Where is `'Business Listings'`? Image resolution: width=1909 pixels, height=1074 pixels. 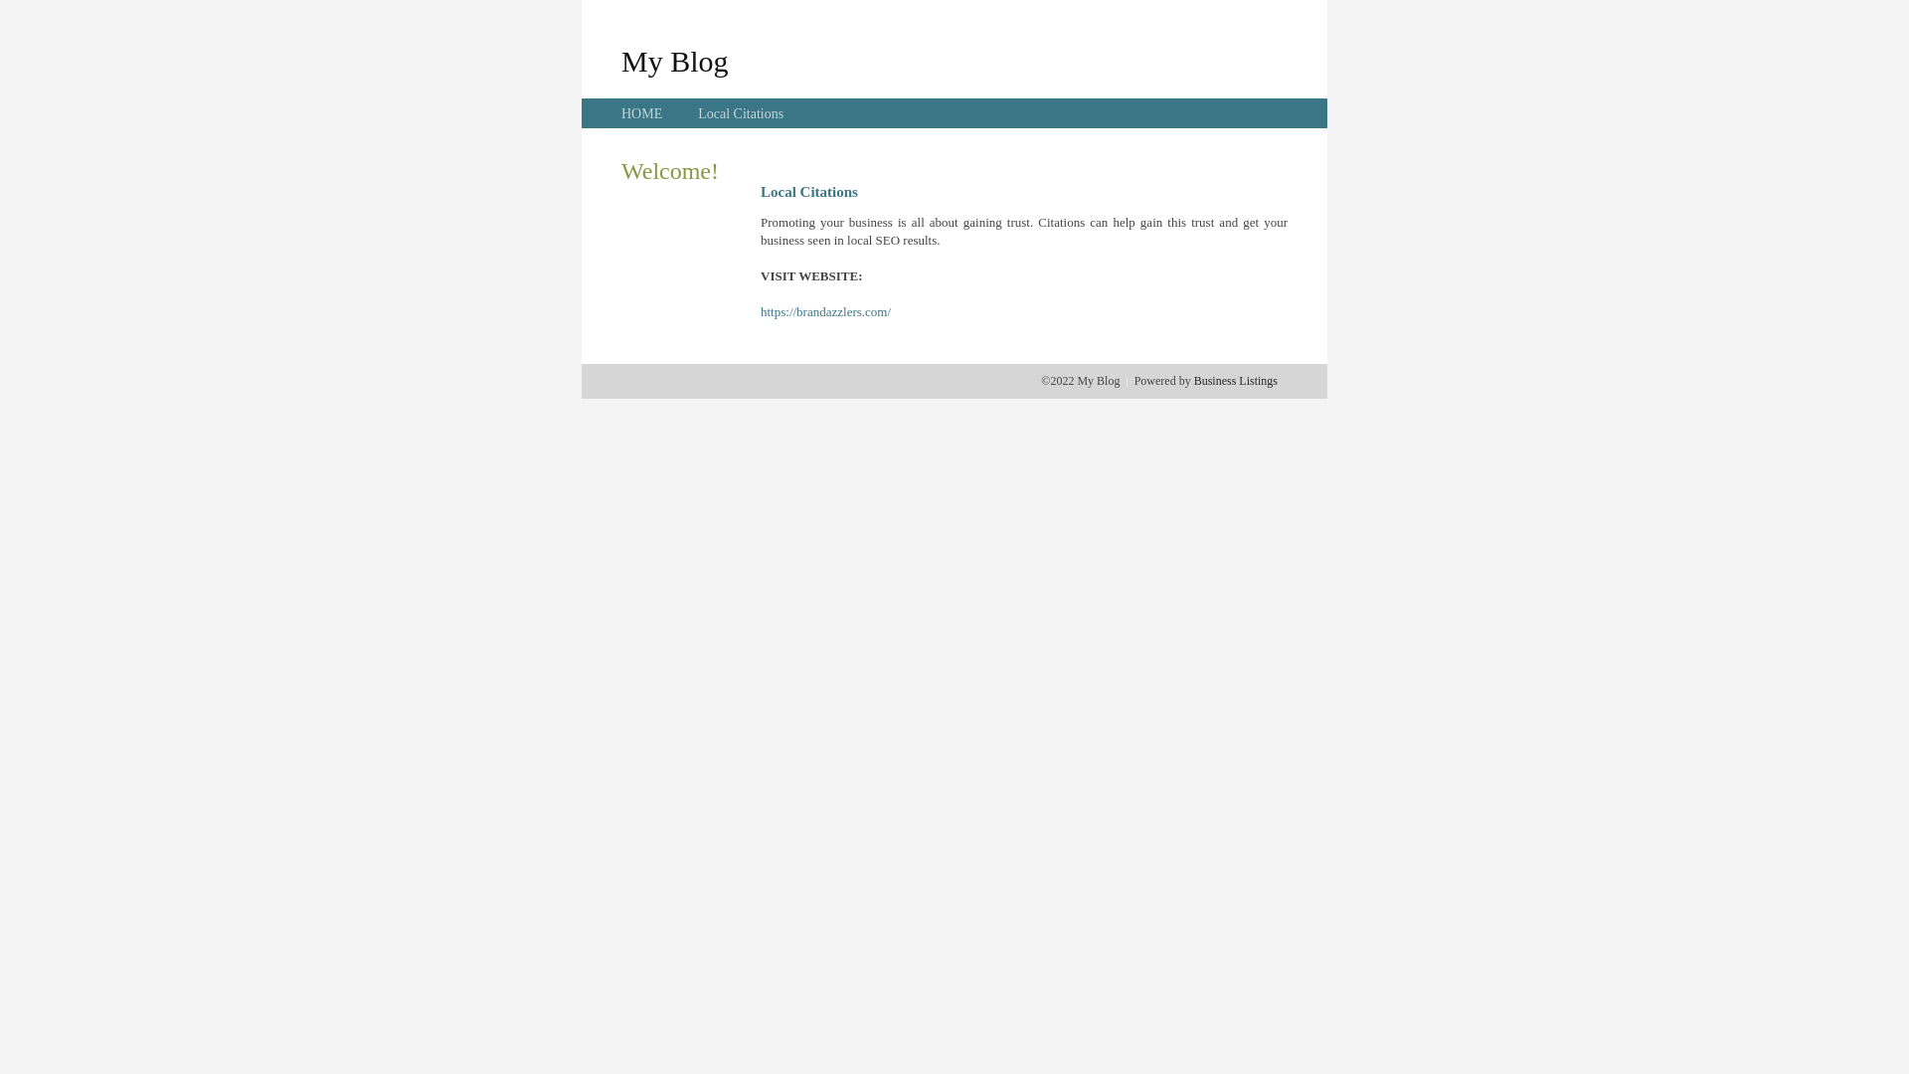 'Business Listings' is located at coordinates (1235, 380).